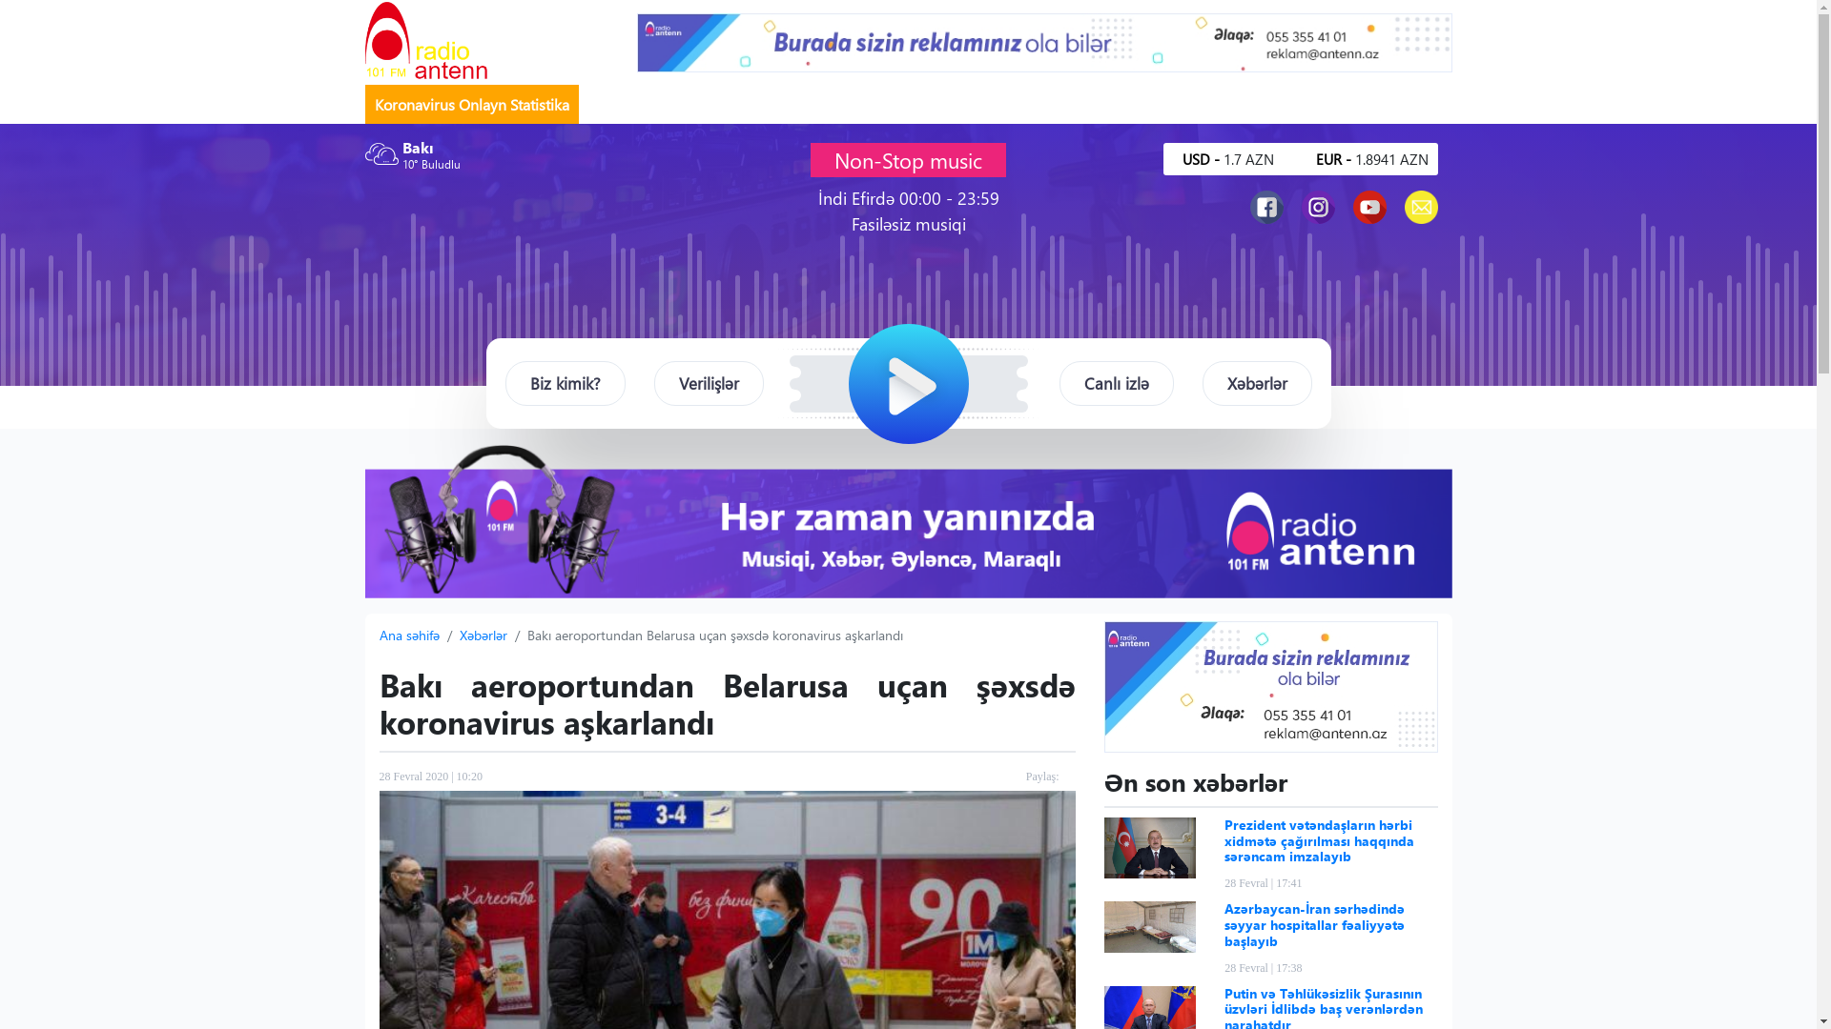 Image resolution: width=1831 pixels, height=1029 pixels. What do you see at coordinates (471, 104) in the screenshot?
I see `'Koronavirus Onlayn Statistika'` at bounding box center [471, 104].